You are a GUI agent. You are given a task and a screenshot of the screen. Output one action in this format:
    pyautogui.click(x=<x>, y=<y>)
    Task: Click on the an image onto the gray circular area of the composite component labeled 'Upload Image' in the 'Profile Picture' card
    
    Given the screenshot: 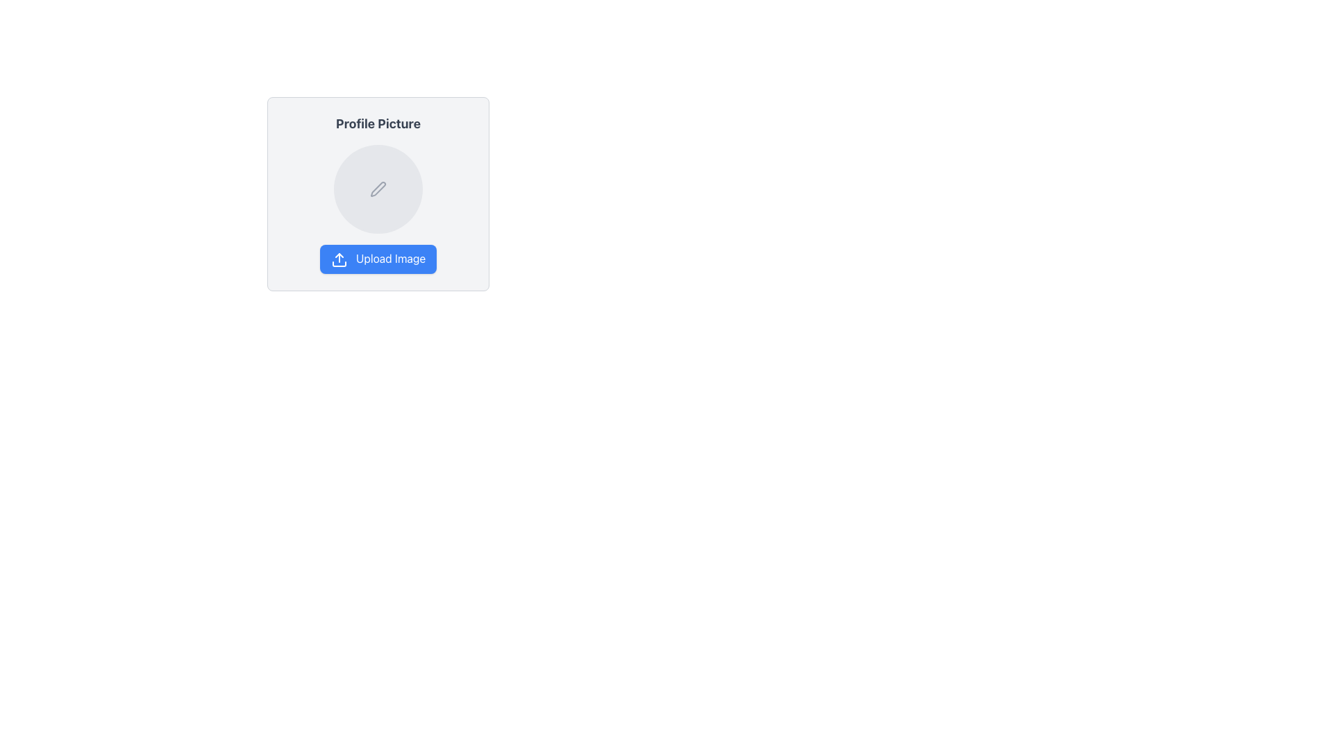 What is the action you would take?
    pyautogui.click(x=378, y=209)
    